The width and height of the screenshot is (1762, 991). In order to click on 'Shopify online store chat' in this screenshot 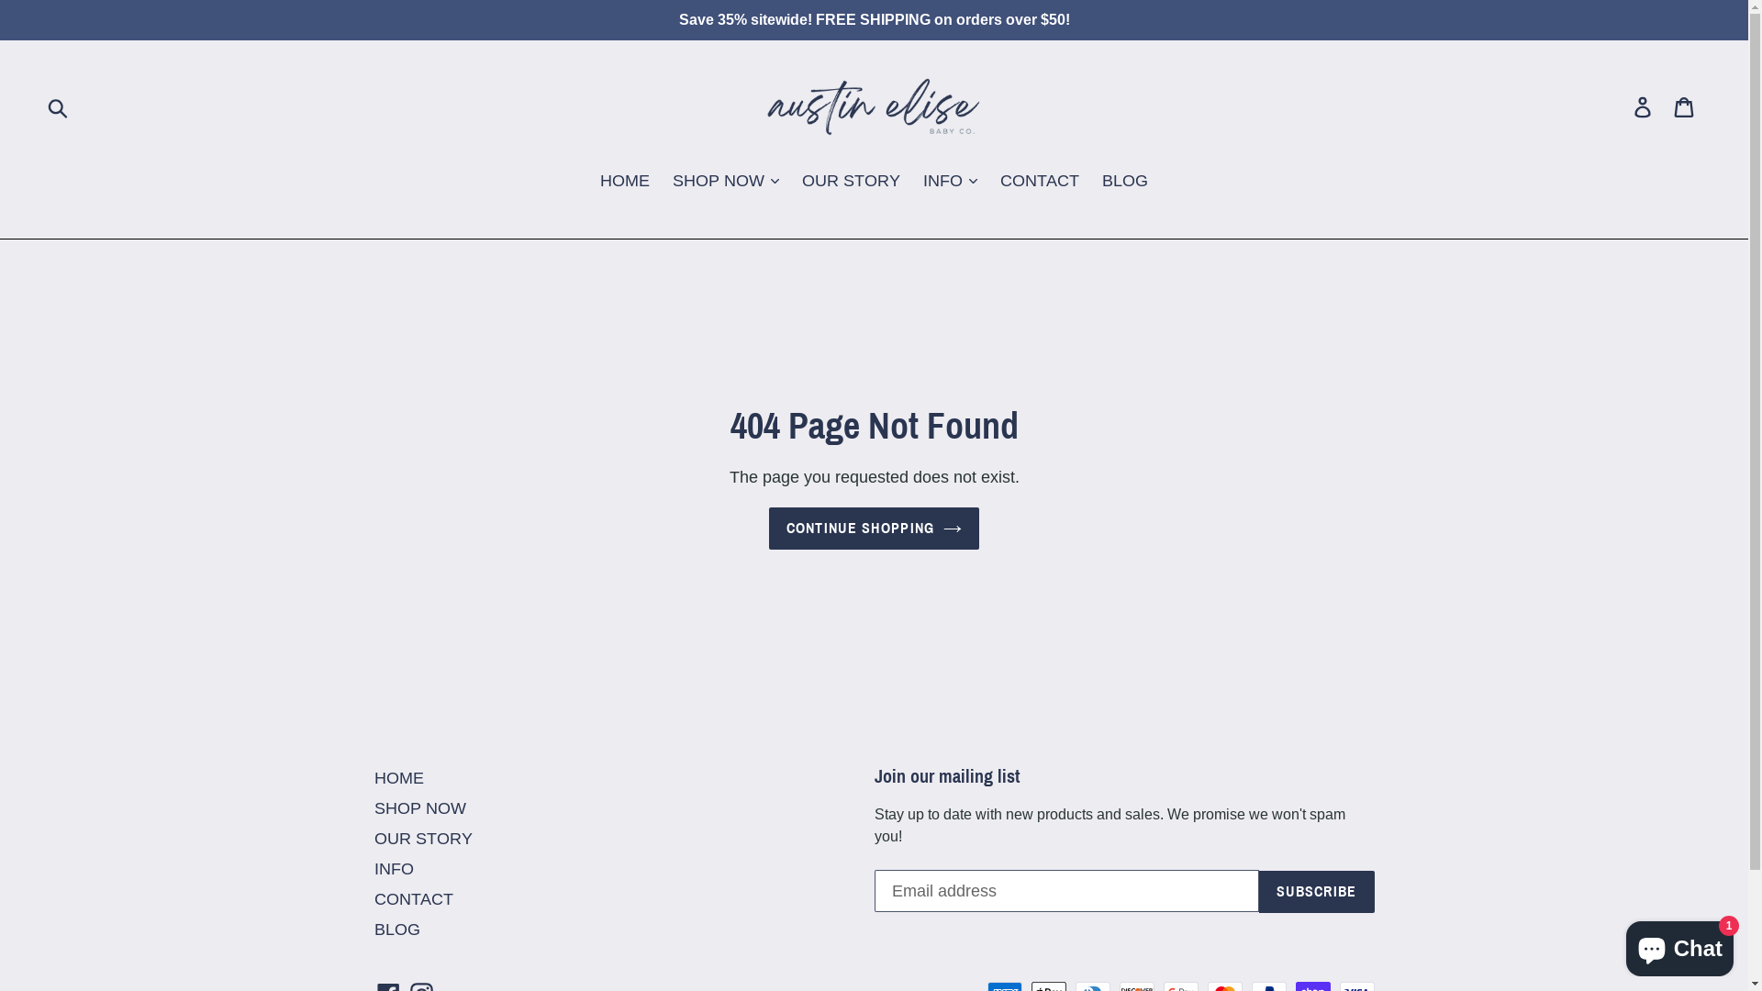, I will do `click(1679, 944)`.